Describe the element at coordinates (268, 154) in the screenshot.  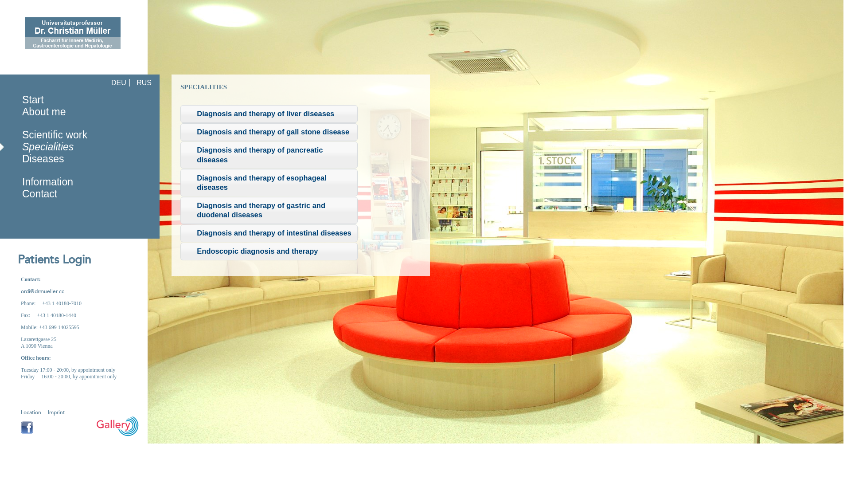
I see `'Diagnosis and therapy of pancreatic diseases'` at that location.